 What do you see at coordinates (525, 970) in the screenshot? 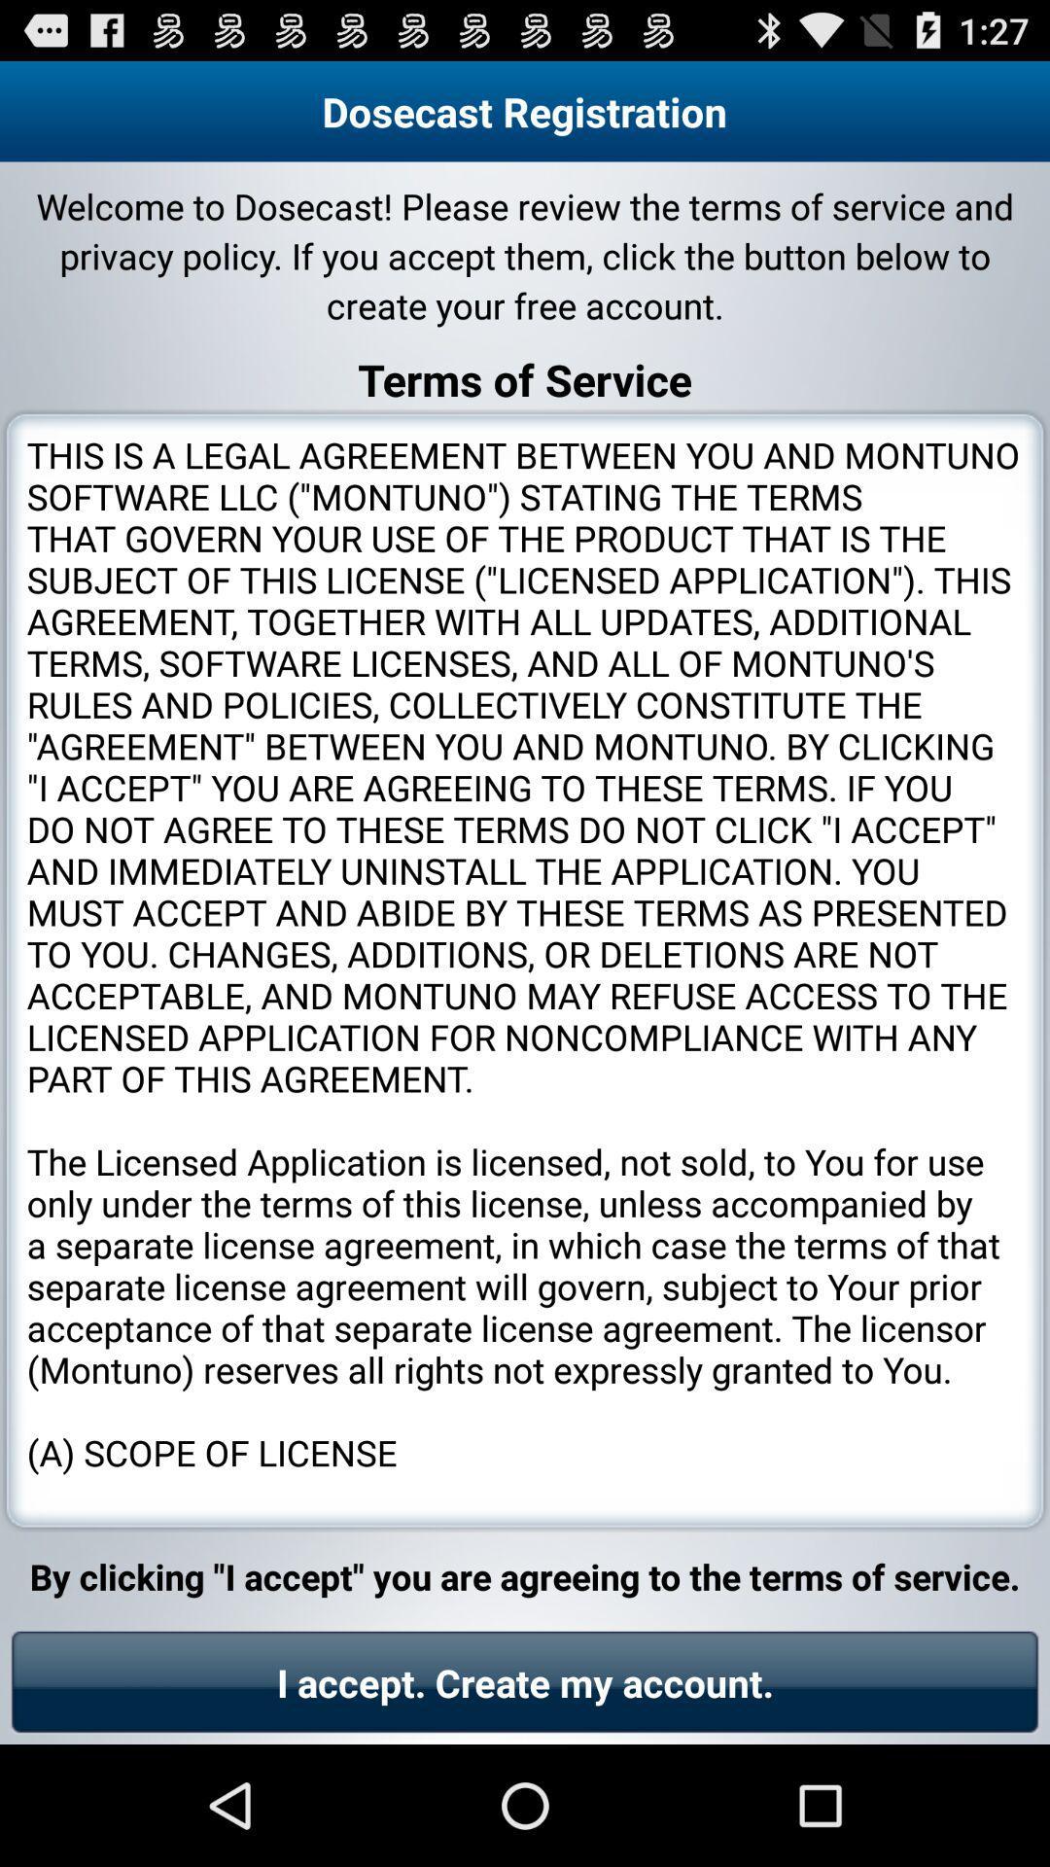
I see `the icon above the by clicking i item` at bounding box center [525, 970].